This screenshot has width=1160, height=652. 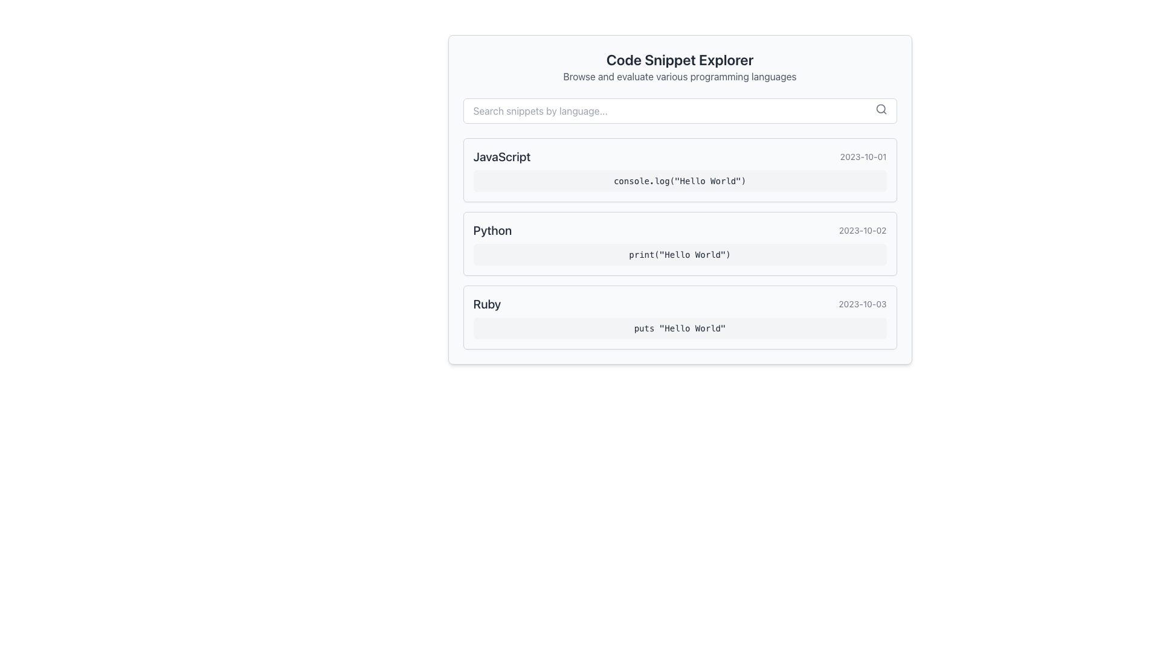 What do you see at coordinates (680, 254) in the screenshot?
I see `the code snippet display box with a gray background and rounded corners that contains the text 'print("Hello World")', located in the Python section just below the header 'Python2023-10-02'` at bounding box center [680, 254].